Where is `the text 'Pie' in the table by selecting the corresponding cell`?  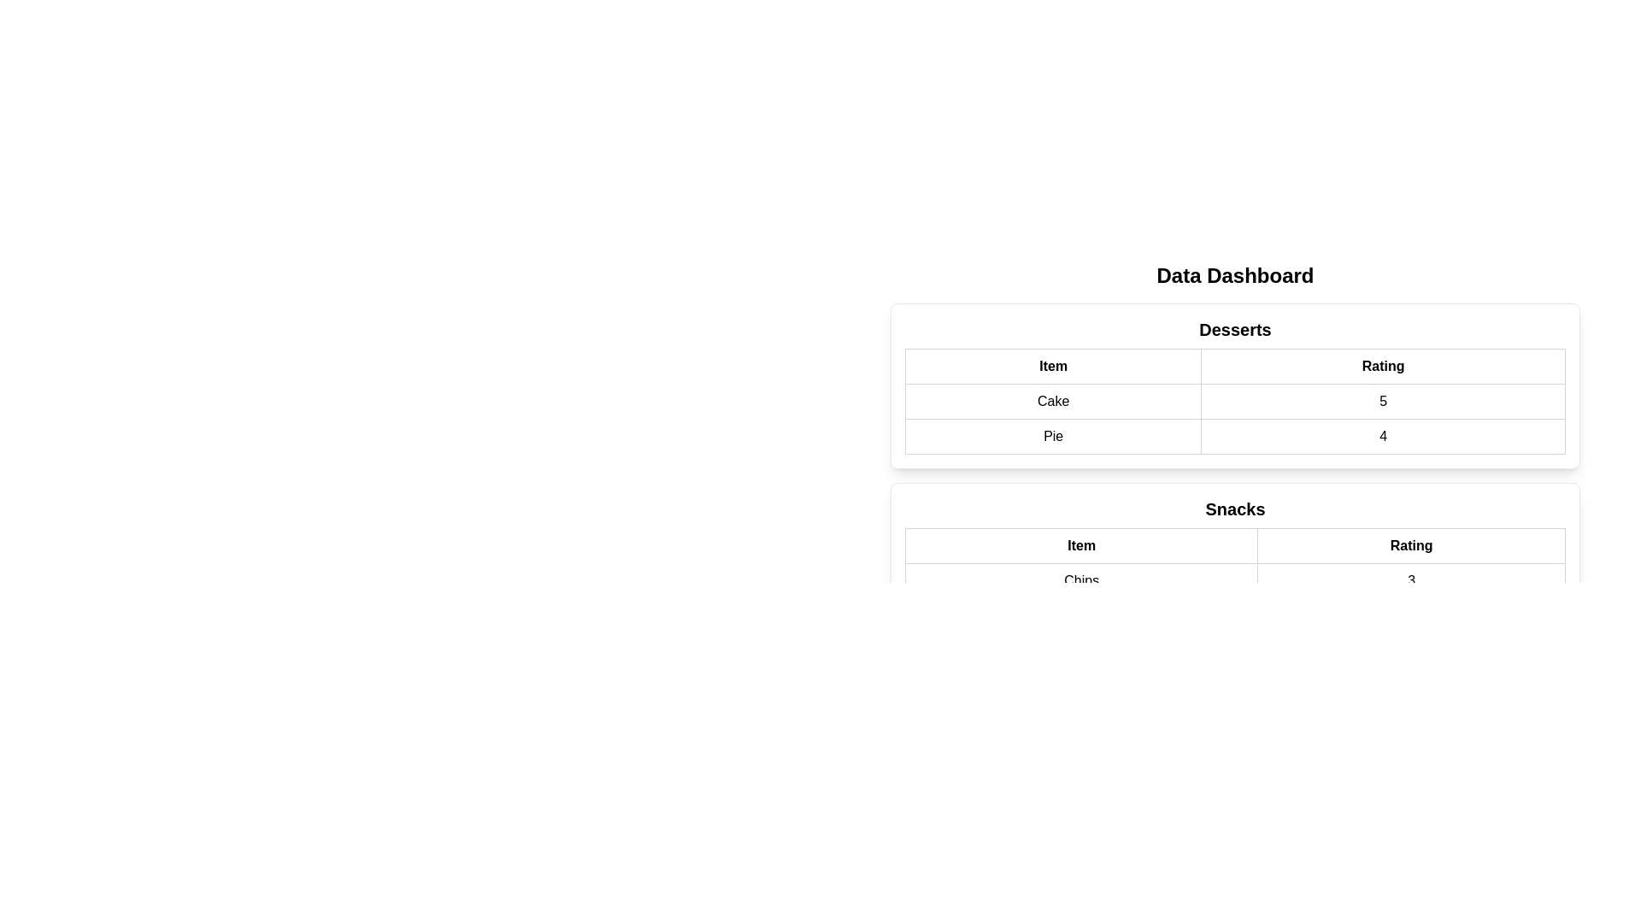 the text 'Pie' in the table by selecting the corresponding cell is located at coordinates (1052, 435).